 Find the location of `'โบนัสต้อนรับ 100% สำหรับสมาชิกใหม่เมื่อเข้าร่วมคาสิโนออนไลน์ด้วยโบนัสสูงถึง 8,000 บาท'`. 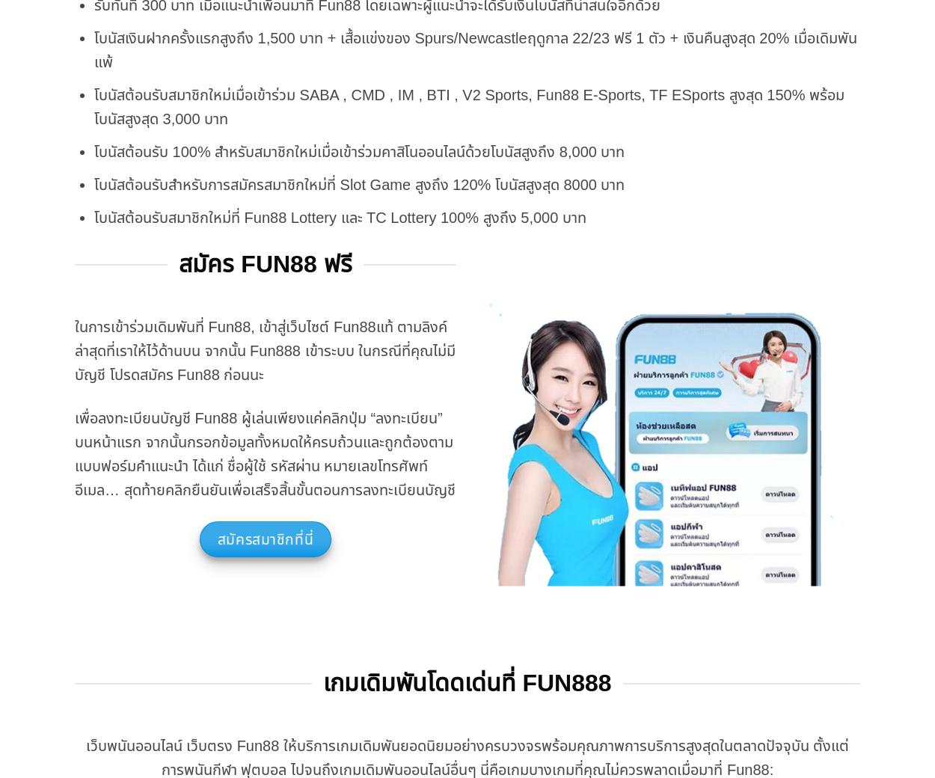

'โบนัสต้อนรับ 100% สำหรับสมาชิกใหม่เมื่อเข้าร่วมคาสิโนออนไลน์ด้วยโบนัสสูงถึง 8,000 บาท' is located at coordinates (358, 150).